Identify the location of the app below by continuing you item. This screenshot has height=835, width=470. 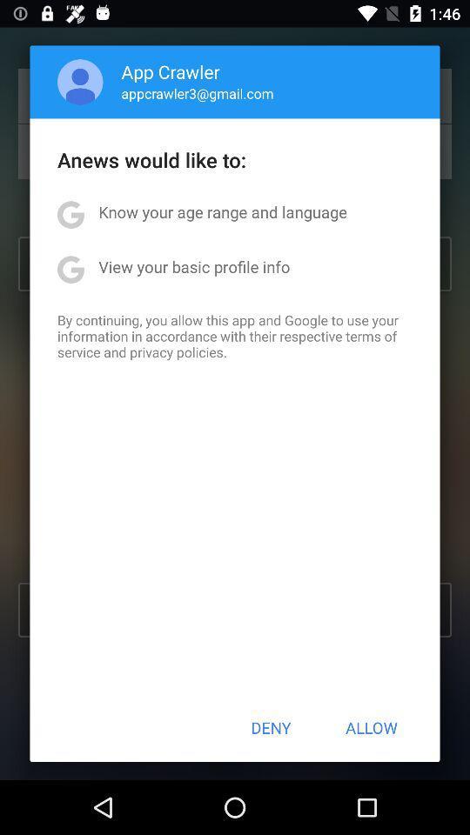
(271, 727).